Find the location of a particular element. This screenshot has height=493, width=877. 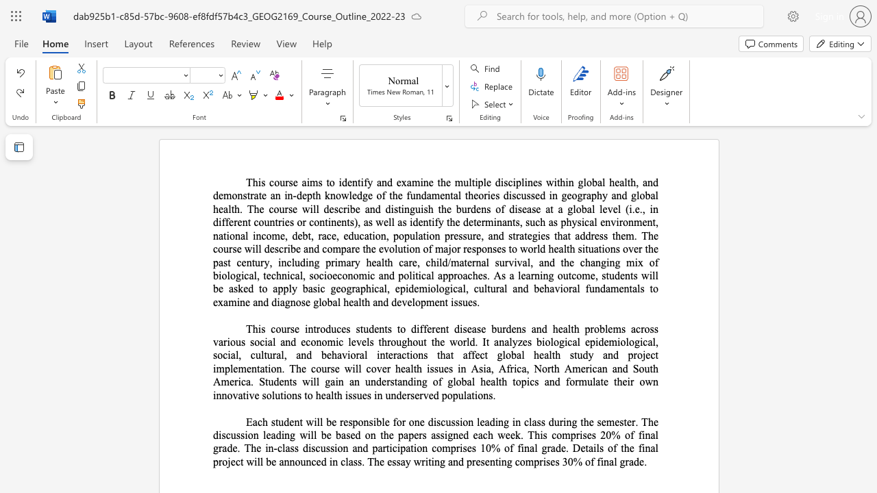

the subset text "in class. The essay writing and present" within the text "project will be announced in class. The essay writing and presenting comprises 30% of final grade." is located at coordinates (329, 462).